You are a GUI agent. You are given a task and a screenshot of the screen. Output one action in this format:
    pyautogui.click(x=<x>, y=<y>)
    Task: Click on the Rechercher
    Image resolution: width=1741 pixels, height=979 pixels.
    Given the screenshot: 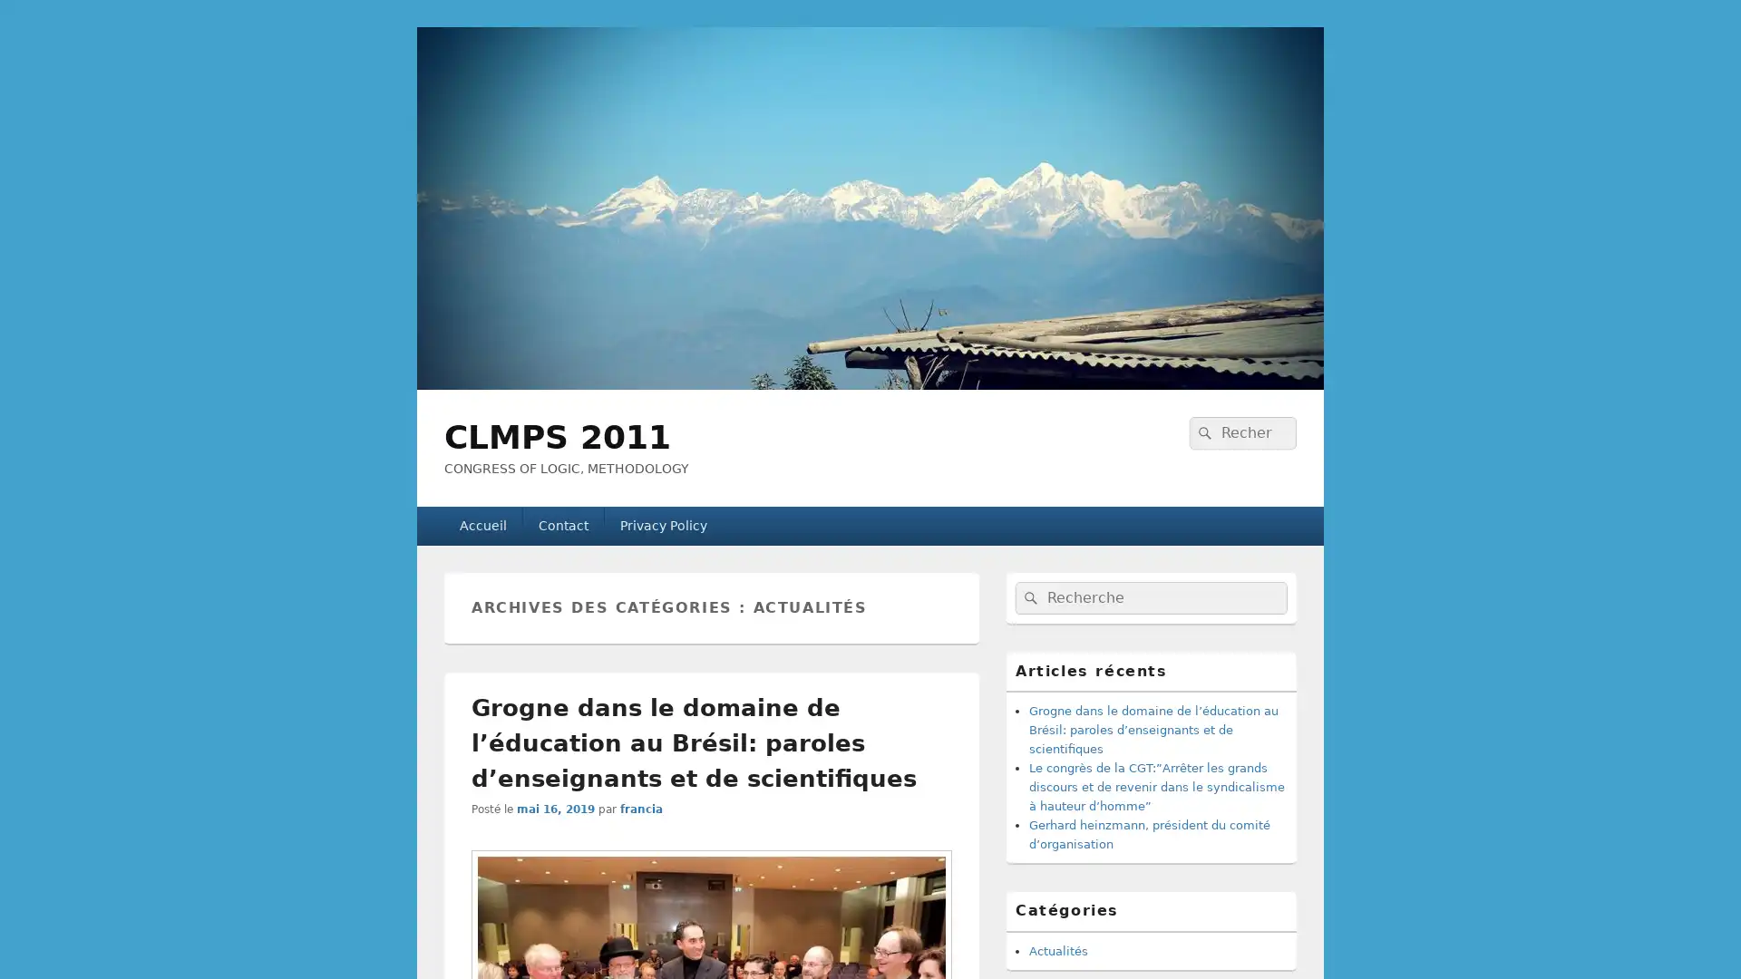 What is the action you would take?
    pyautogui.click(x=1028, y=597)
    